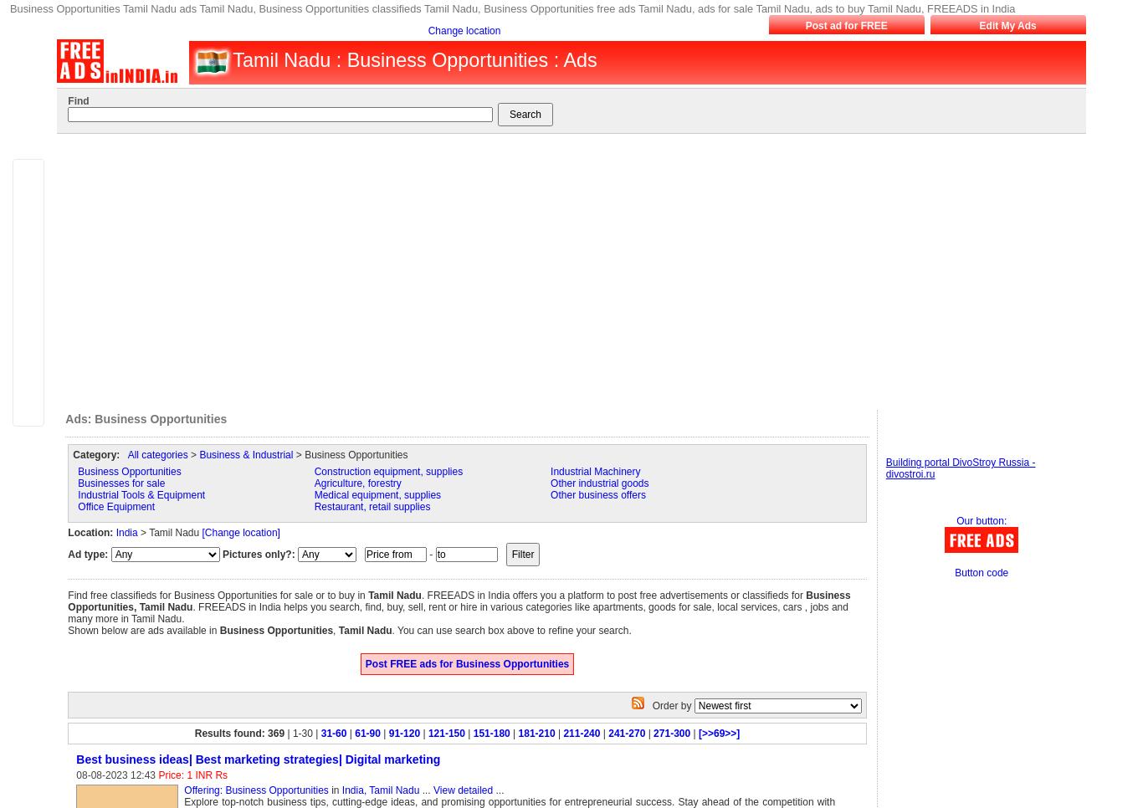 Image resolution: width=1143 pixels, height=808 pixels. What do you see at coordinates (68, 630) in the screenshot?
I see `'Shown below are ads available in'` at bounding box center [68, 630].